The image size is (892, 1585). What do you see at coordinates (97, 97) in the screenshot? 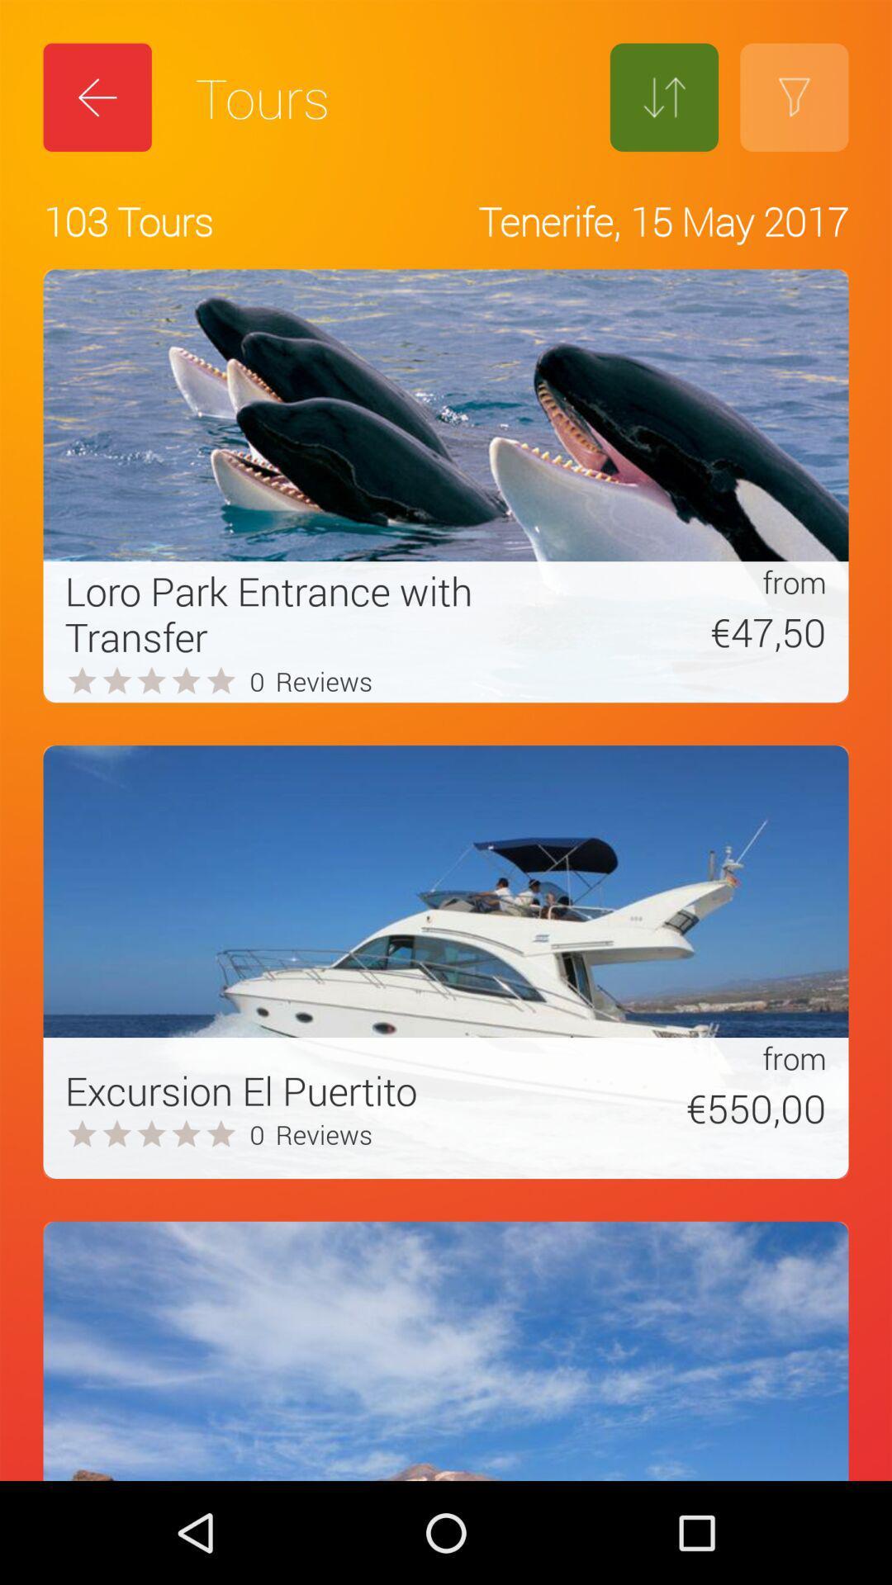
I see `the icon above the 103 tours icon` at bounding box center [97, 97].